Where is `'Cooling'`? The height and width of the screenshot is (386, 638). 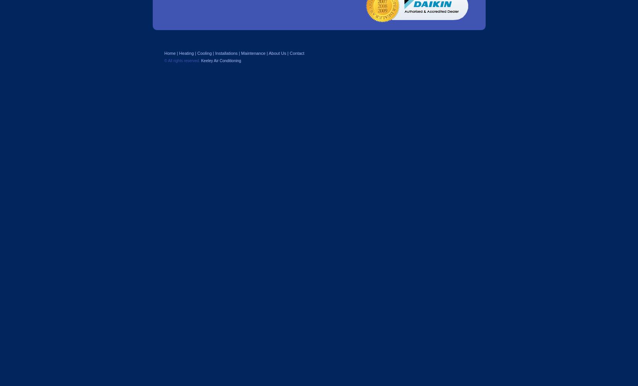
'Cooling' is located at coordinates (197, 53).